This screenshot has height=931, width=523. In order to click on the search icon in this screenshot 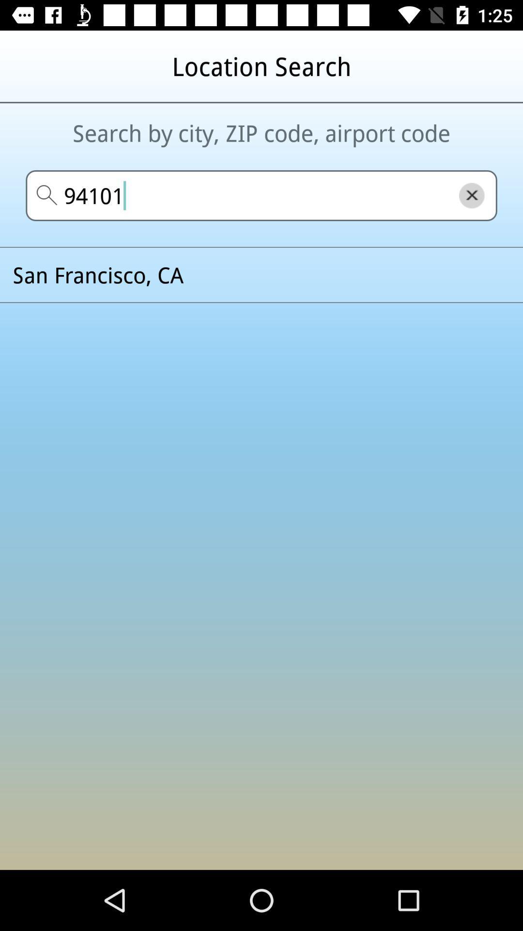, I will do `click(47, 195)`.